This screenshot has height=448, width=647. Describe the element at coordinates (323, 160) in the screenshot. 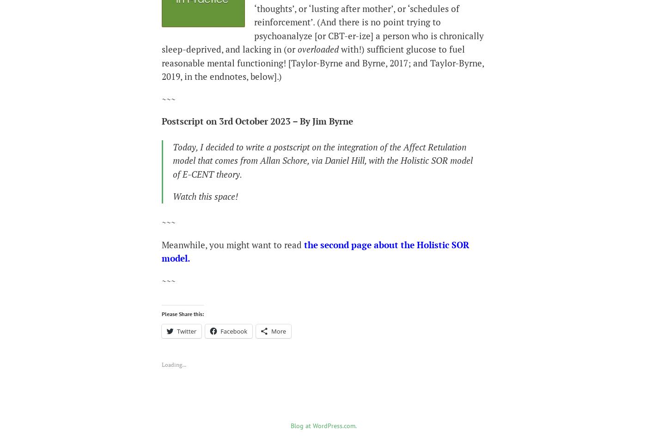

I see `'Today, I decided to write a postscript on the integration of the Affect Retulation model that comes from Allan Schore, via Daniel Hill, with the Holistic SOR model of E-CENT theory.'` at that location.